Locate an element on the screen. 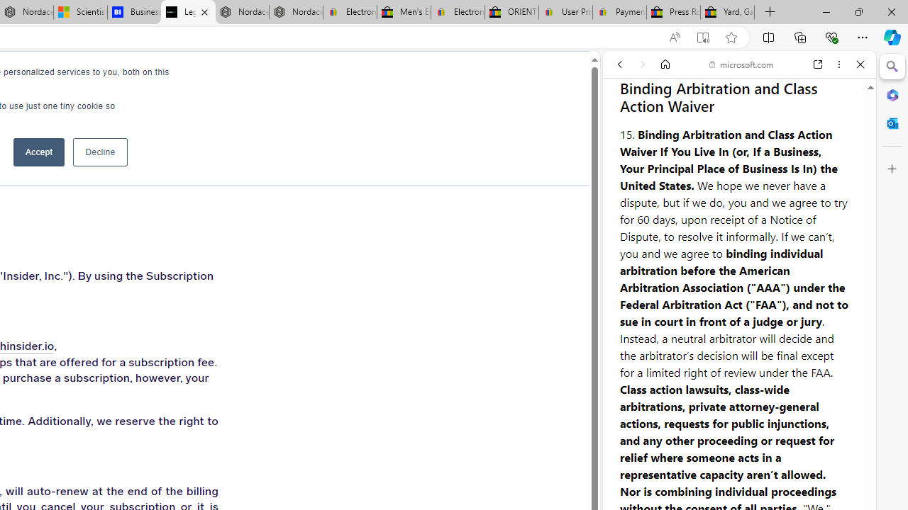 The height and width of the screenshot is (510, 908). 'Web scope' is located at coordinates (625, 127).